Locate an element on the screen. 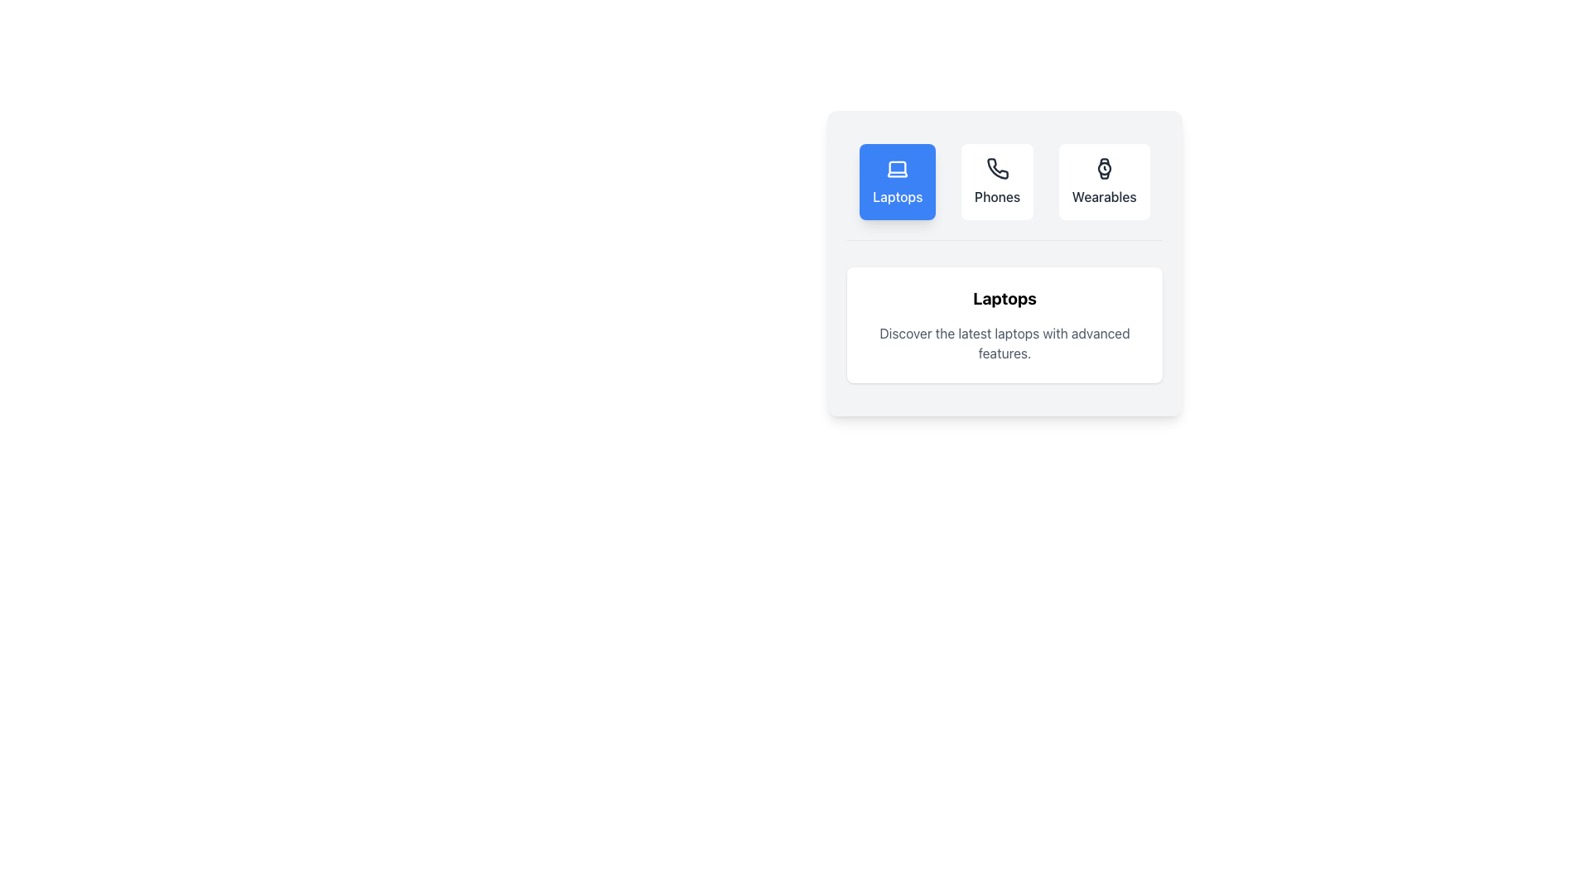 The image size is (1590, 894). the 'Laptops' category icon, which serves as a visual indicator for the laptops section in the top left of the card-like interface is located at coordinates (897, 169).